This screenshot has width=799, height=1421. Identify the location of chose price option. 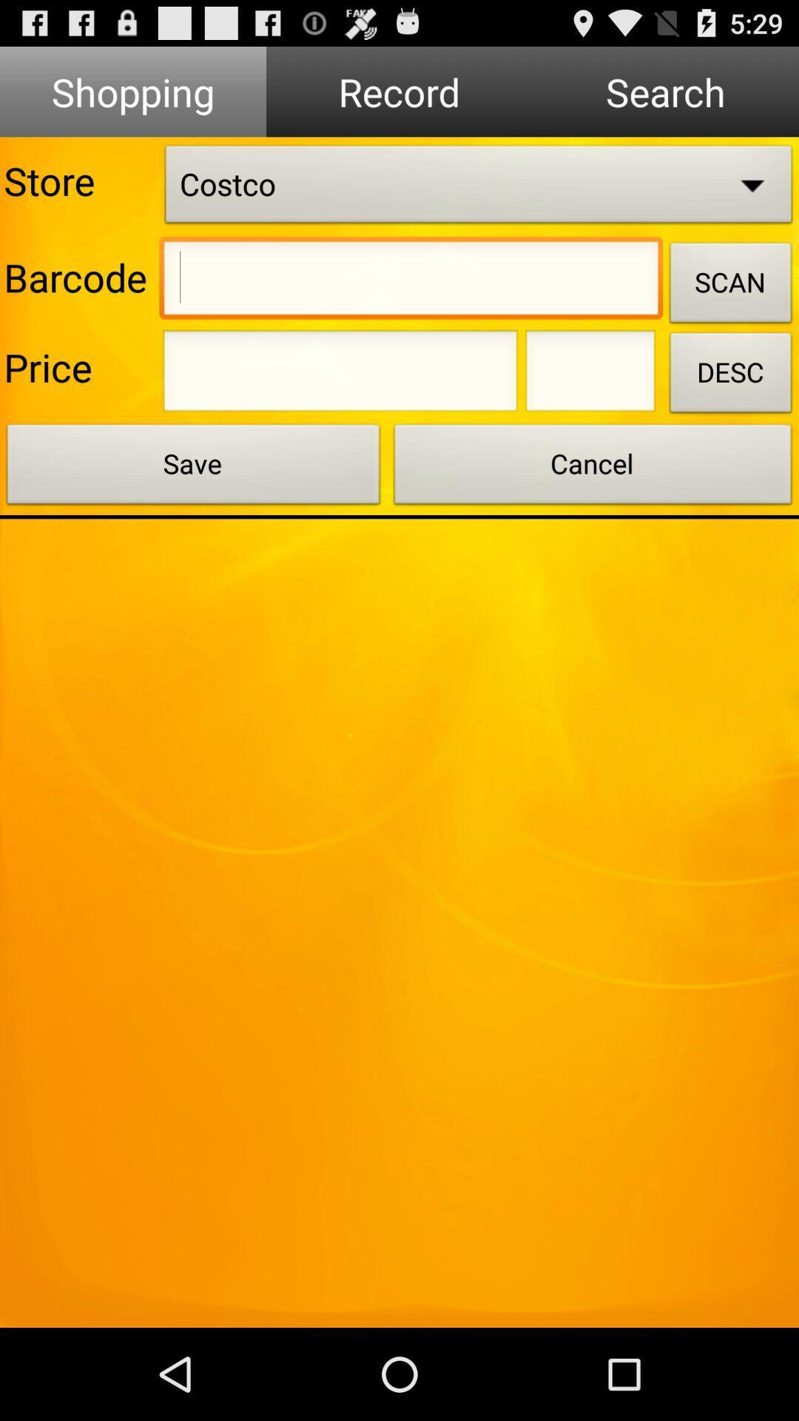
(340, 375).